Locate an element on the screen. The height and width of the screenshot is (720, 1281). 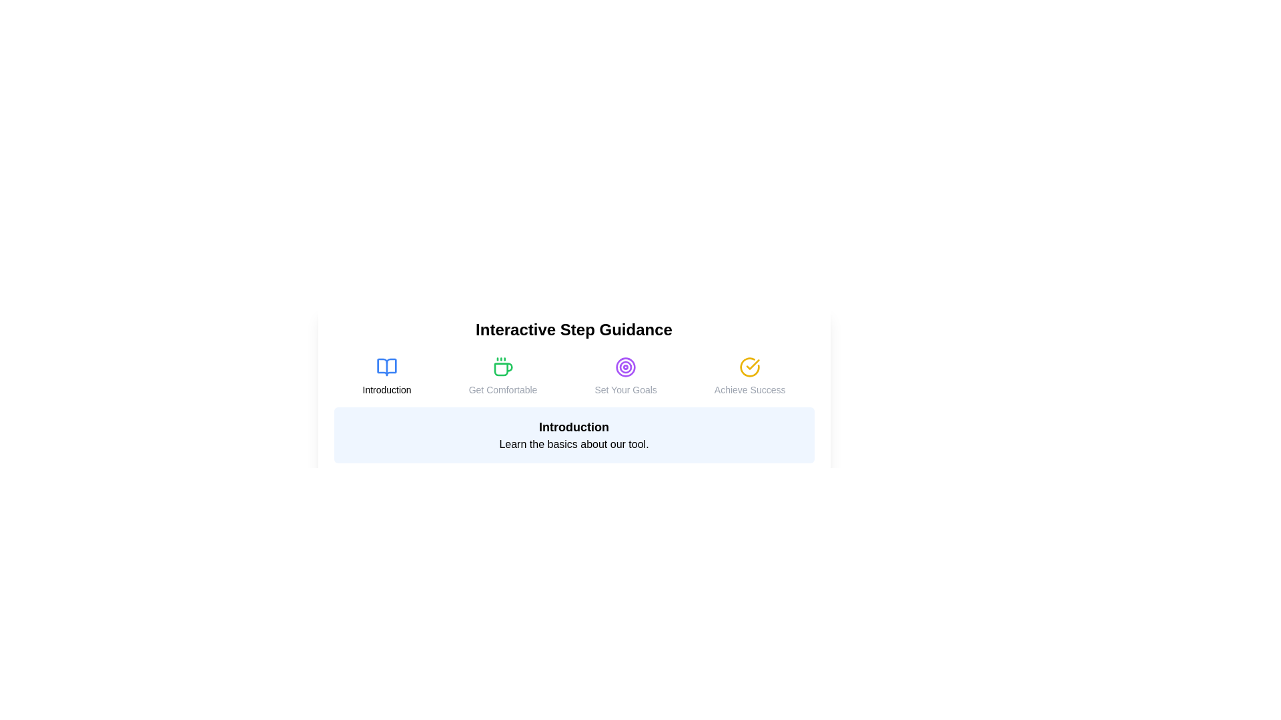
the text label displaying the word 'Introduction', which is located below an open book icon in the user interface is located at coordinates (386, 390).